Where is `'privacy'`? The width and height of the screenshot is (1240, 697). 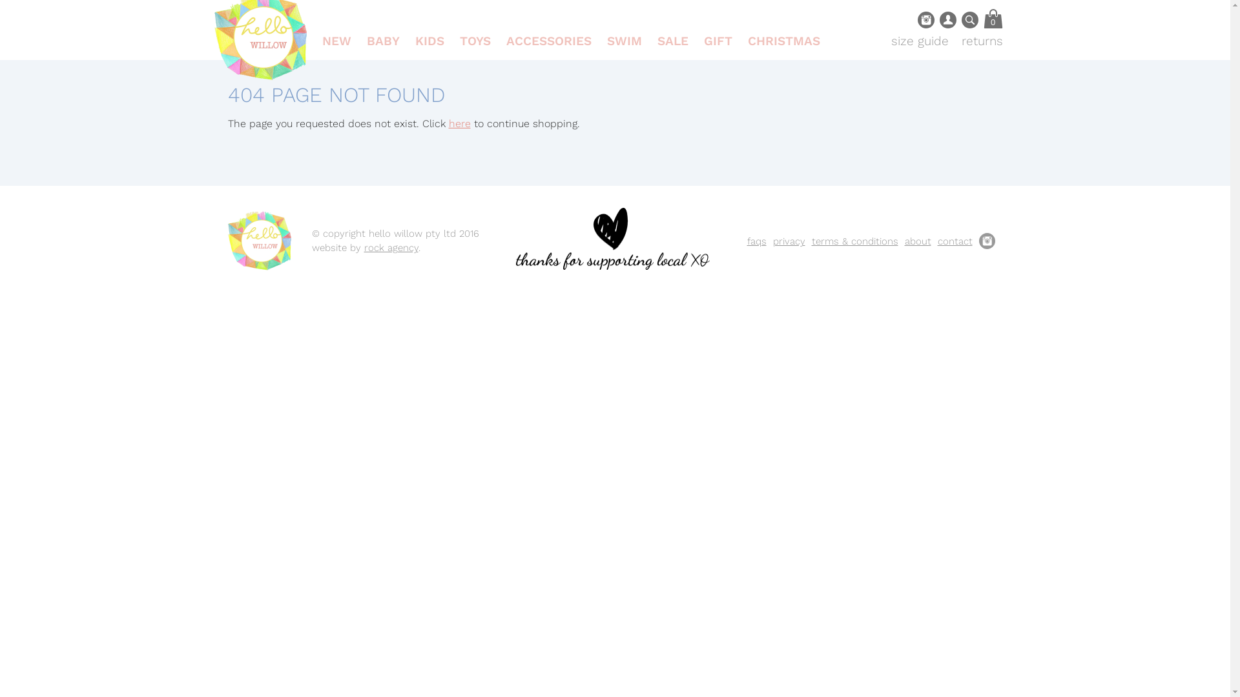 'privacy' is located at coordinates (787, 241).